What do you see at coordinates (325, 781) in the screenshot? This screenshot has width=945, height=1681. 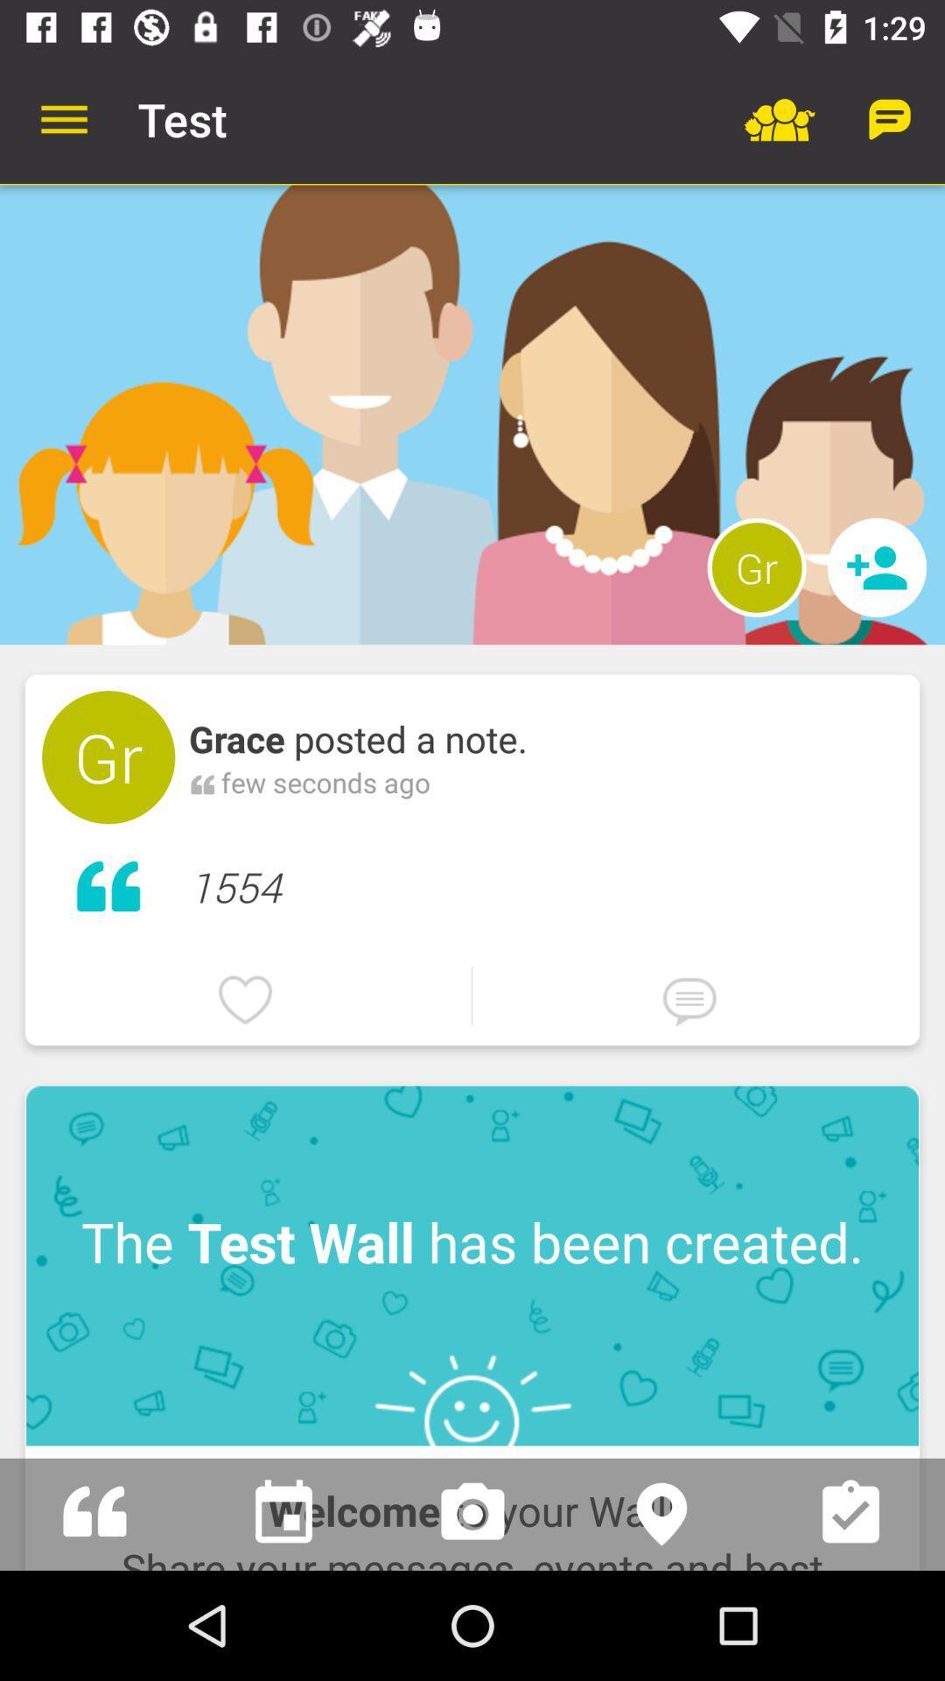 I see `the item below grace posted a item` at bounding box center [325, 781].